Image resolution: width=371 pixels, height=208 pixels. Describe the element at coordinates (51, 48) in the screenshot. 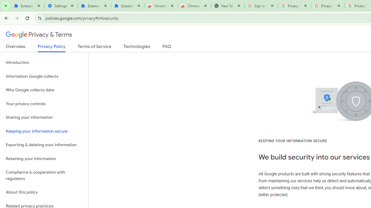

I see `'Privacy Policy'` at that location.